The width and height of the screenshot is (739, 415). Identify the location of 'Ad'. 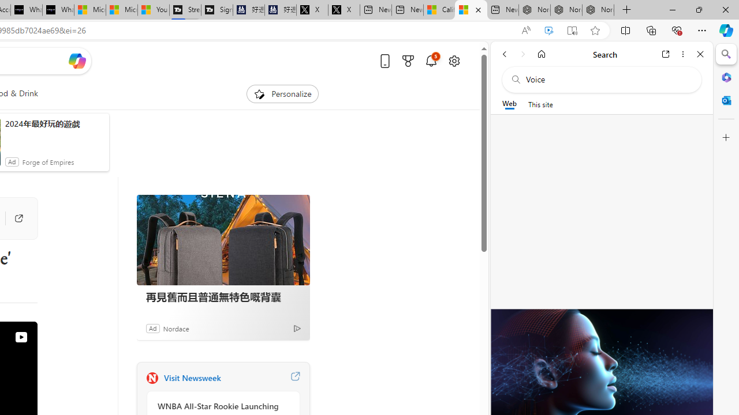
(152, 328).